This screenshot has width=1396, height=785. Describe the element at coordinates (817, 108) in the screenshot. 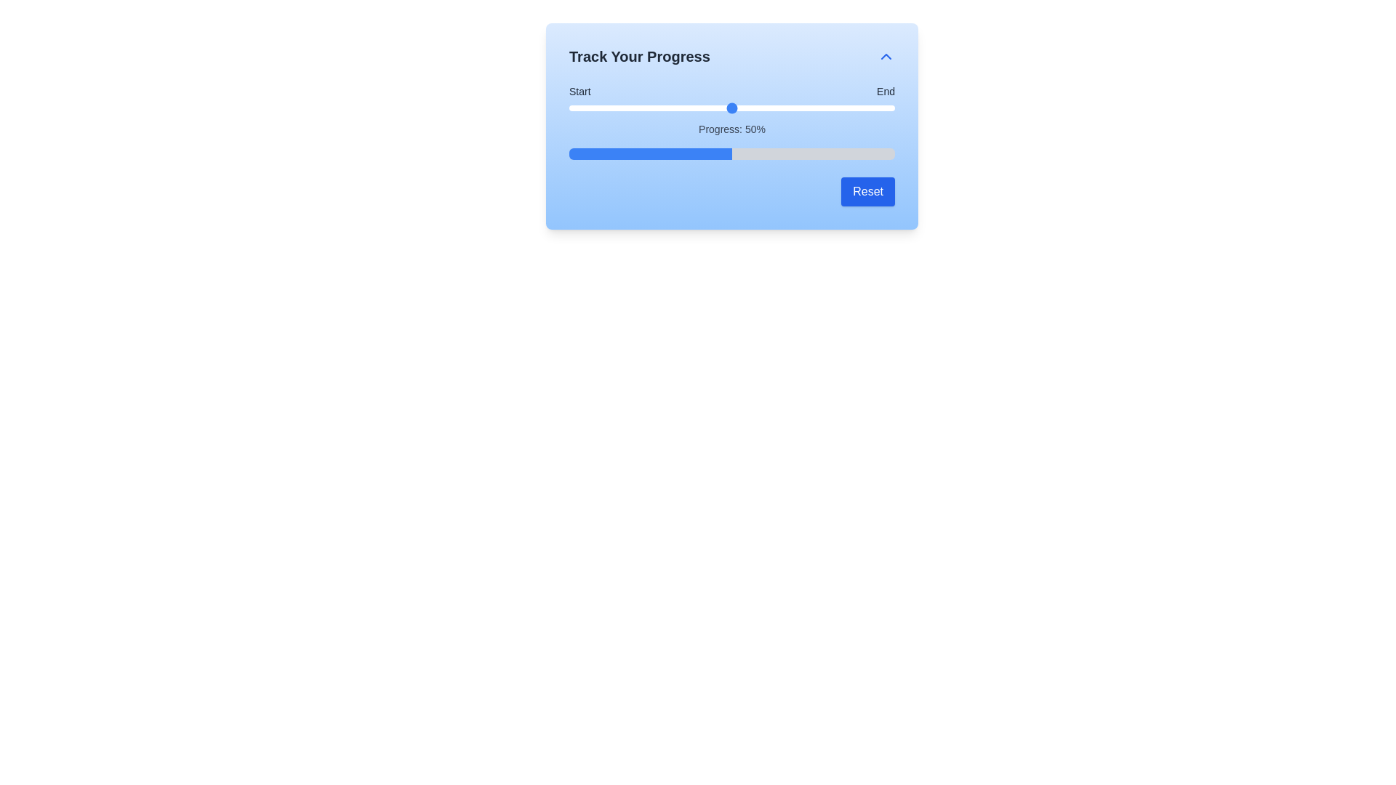

I see `the slider to set the progress to 76%` at that location.